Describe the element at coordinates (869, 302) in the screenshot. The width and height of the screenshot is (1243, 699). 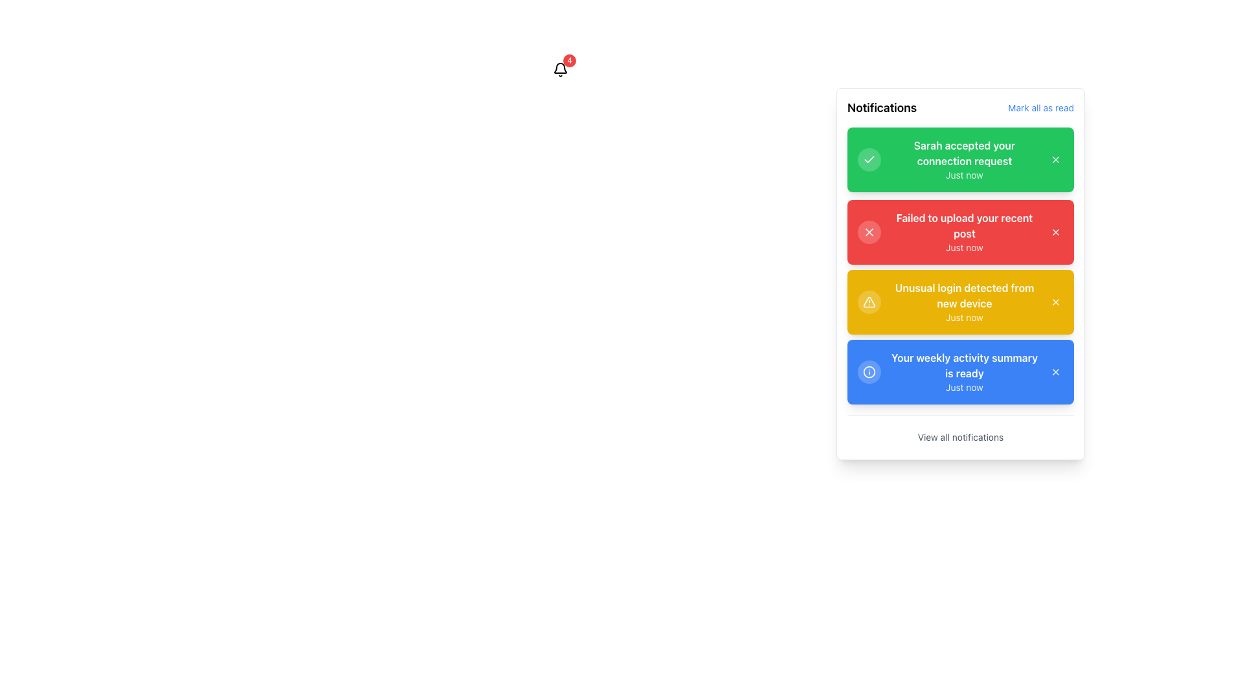
I see `the warning icon indicator that visually indicates a high-priority alert for 'Unusual login detected from new device' notification, which is positioned to the left of the message in the third notification card` at that location.